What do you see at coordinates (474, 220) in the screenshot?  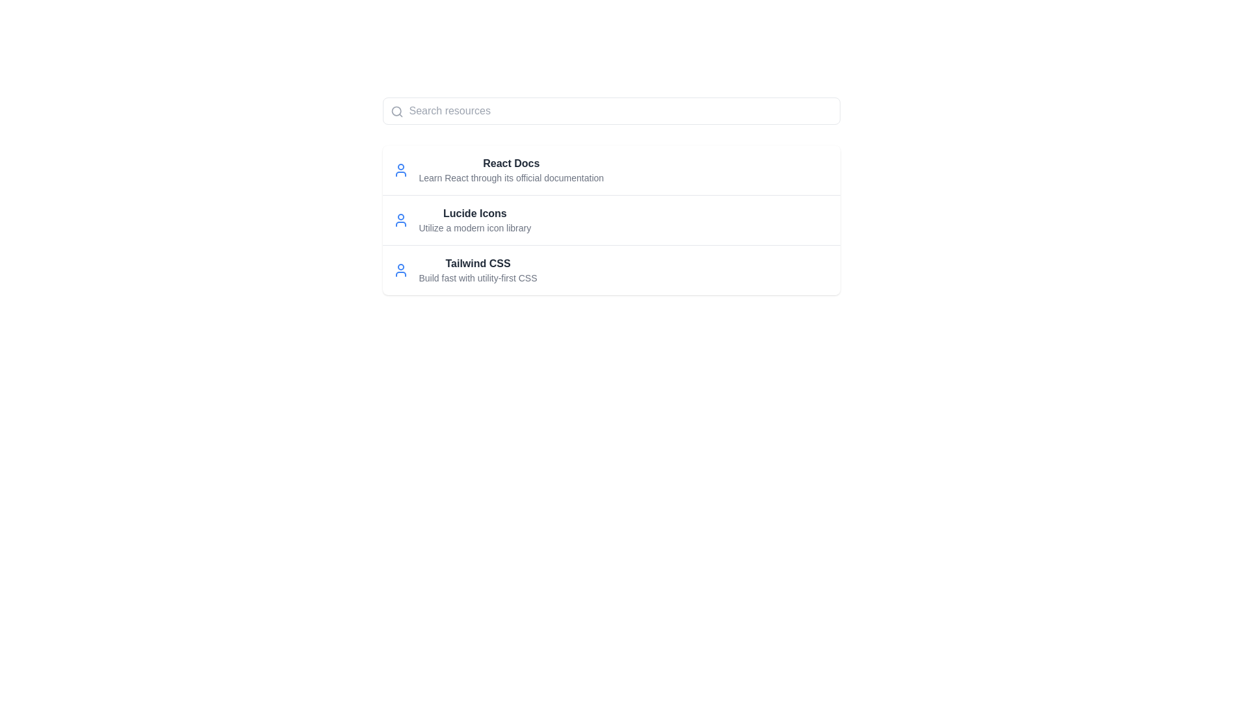 I see `the Text block element that displays 'Lucide Icons' in bold and 'Utilize a modern icon library' in a smaller gray font, positioned as the second item in a list of resources` at bounding box center [474, 220].